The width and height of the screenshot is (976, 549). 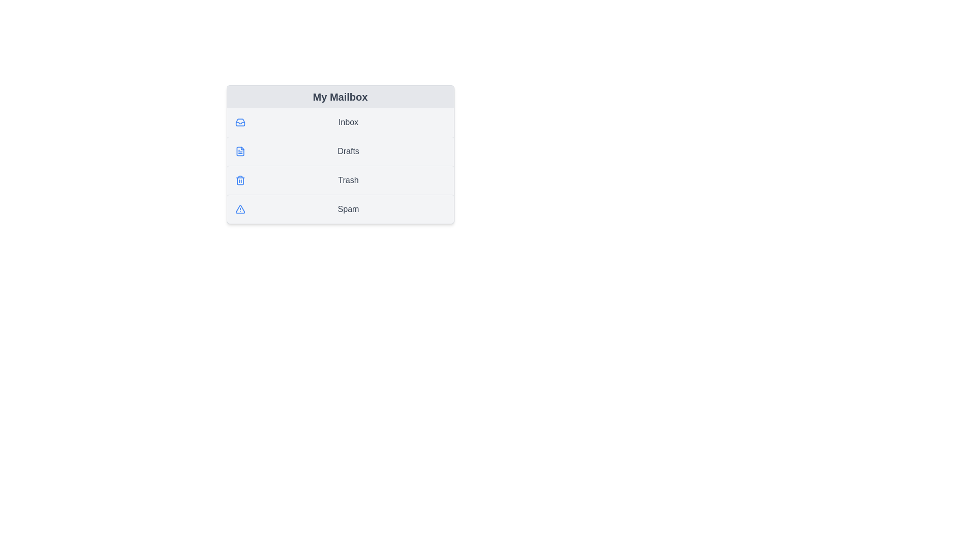 I want to click on the icon next to the Inbox list item, so click(x=239, y=121).